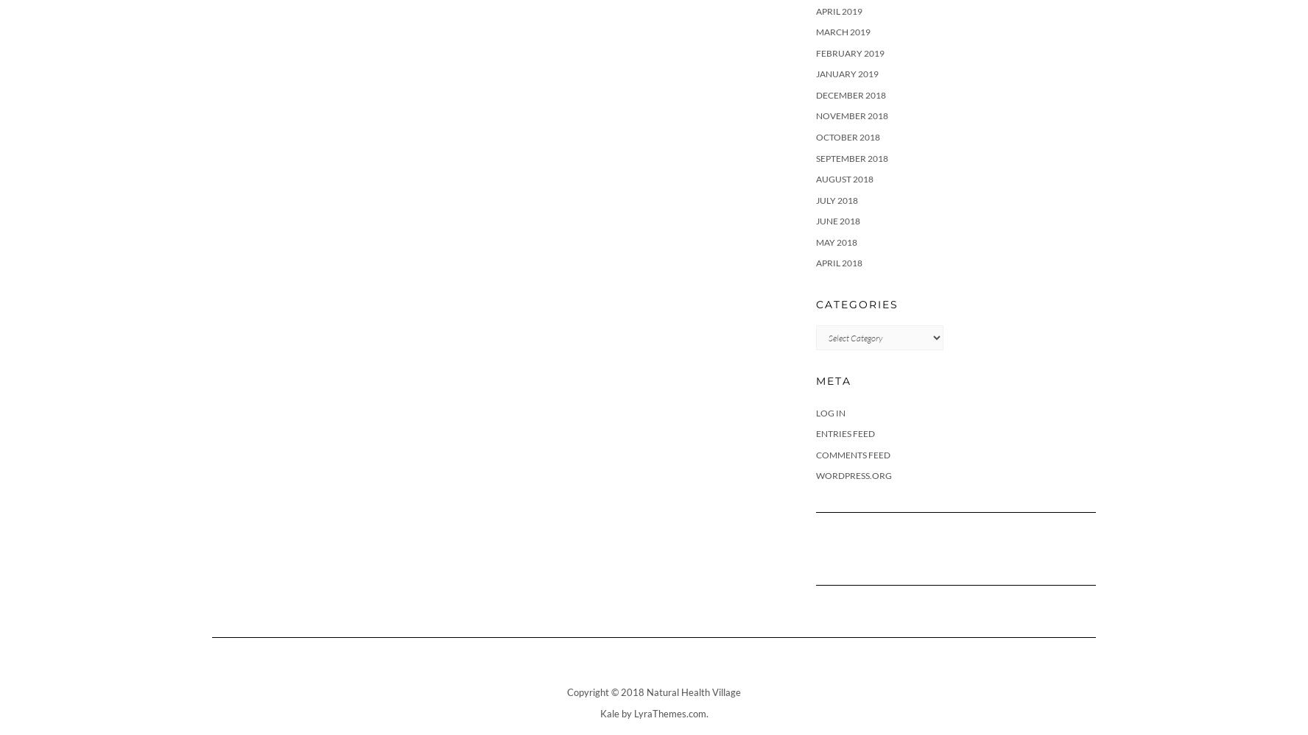 This screenshot has width=1308, height=735. I want to click on 'WordPress.org', so click(815, 475).